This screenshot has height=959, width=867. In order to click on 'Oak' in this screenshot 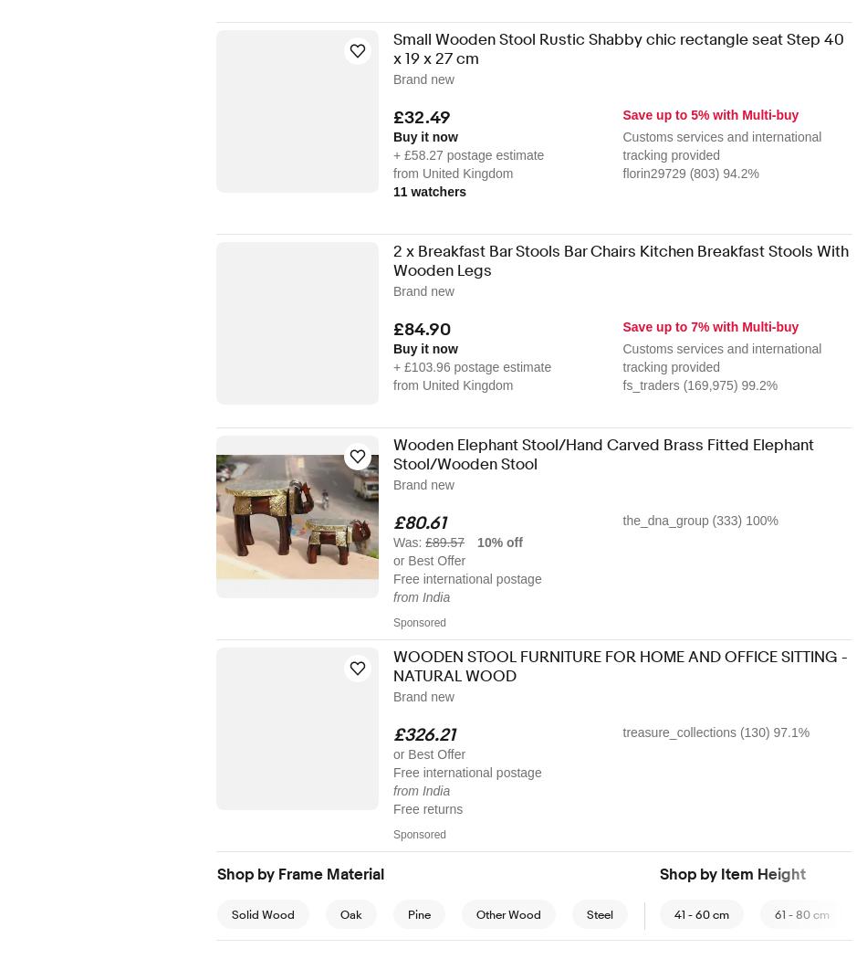, I will do `click(350, 913)`.